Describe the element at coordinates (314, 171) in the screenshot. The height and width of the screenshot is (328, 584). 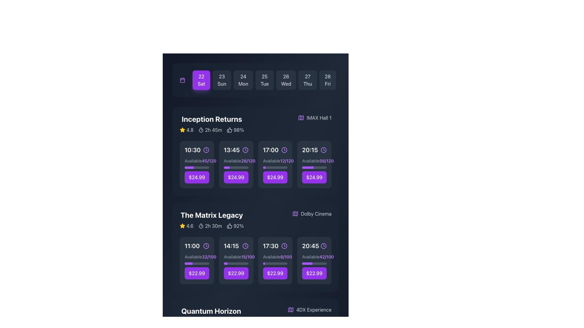
I see `the progress bar in the 'Inception Returns' group for the time slot '20:15'` at that location.